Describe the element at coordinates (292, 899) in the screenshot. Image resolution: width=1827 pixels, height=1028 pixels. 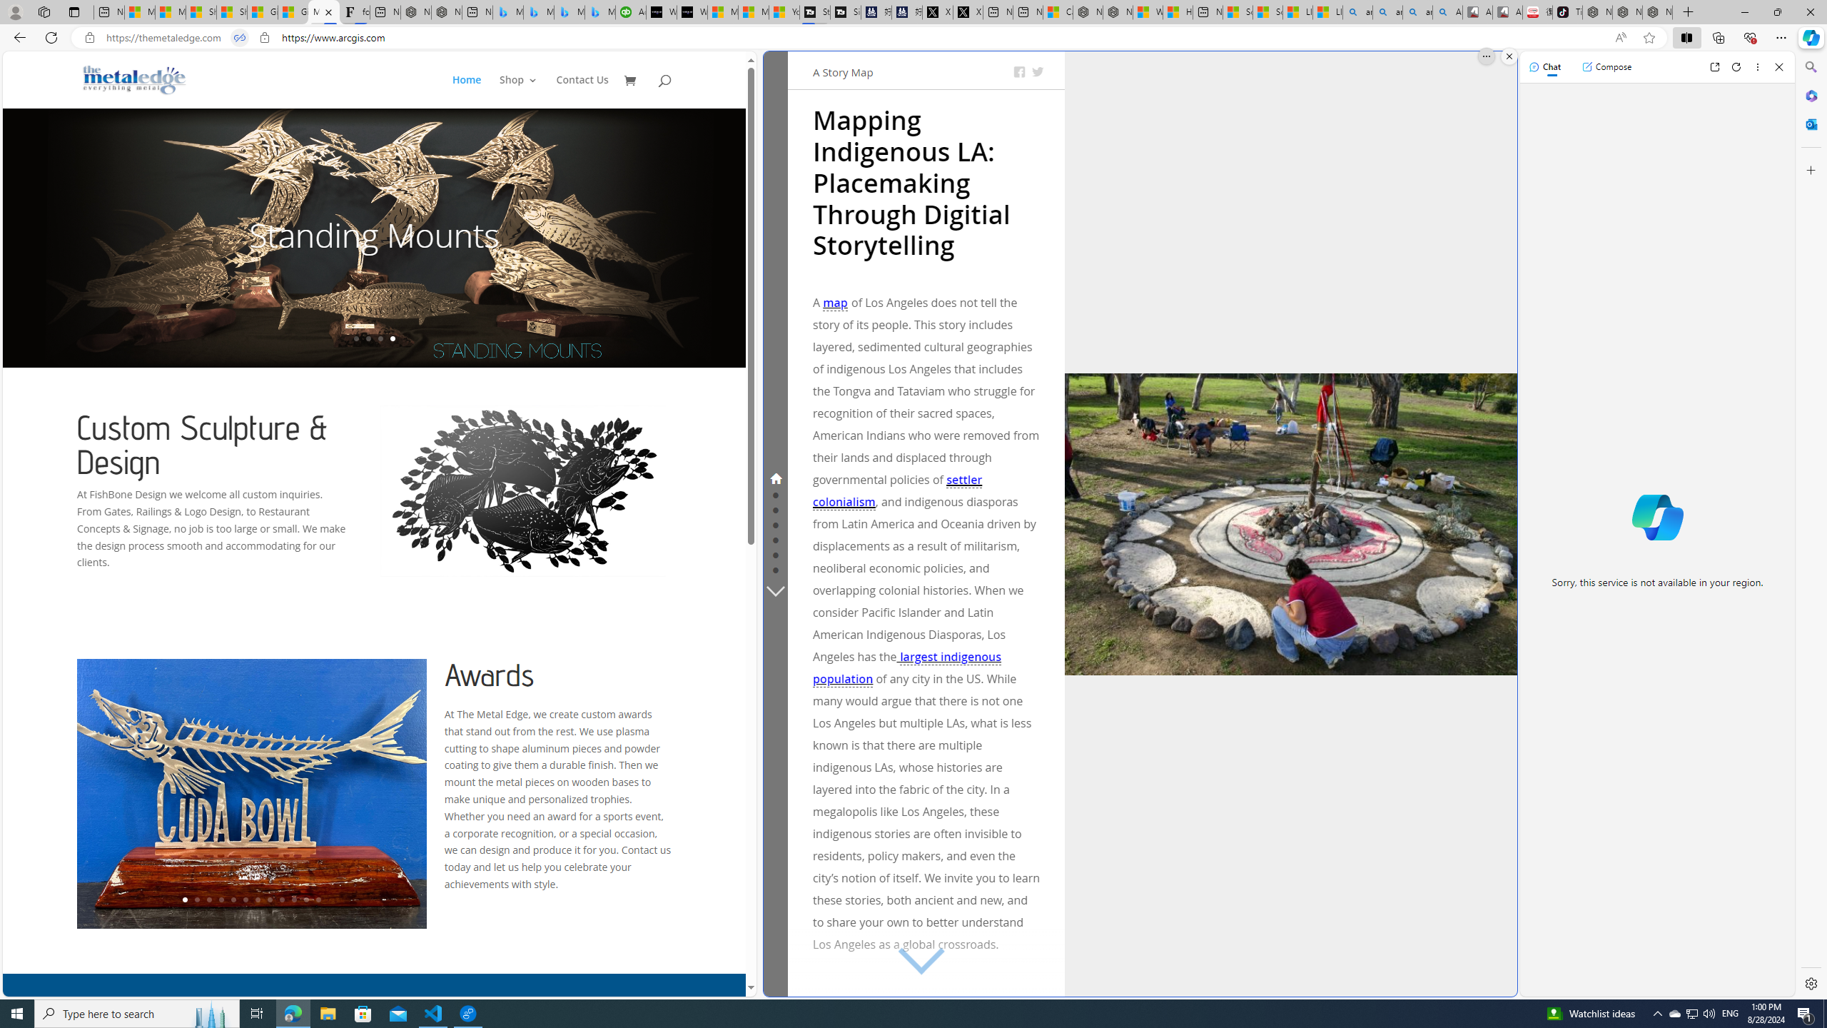
I see `'10'` at that location.